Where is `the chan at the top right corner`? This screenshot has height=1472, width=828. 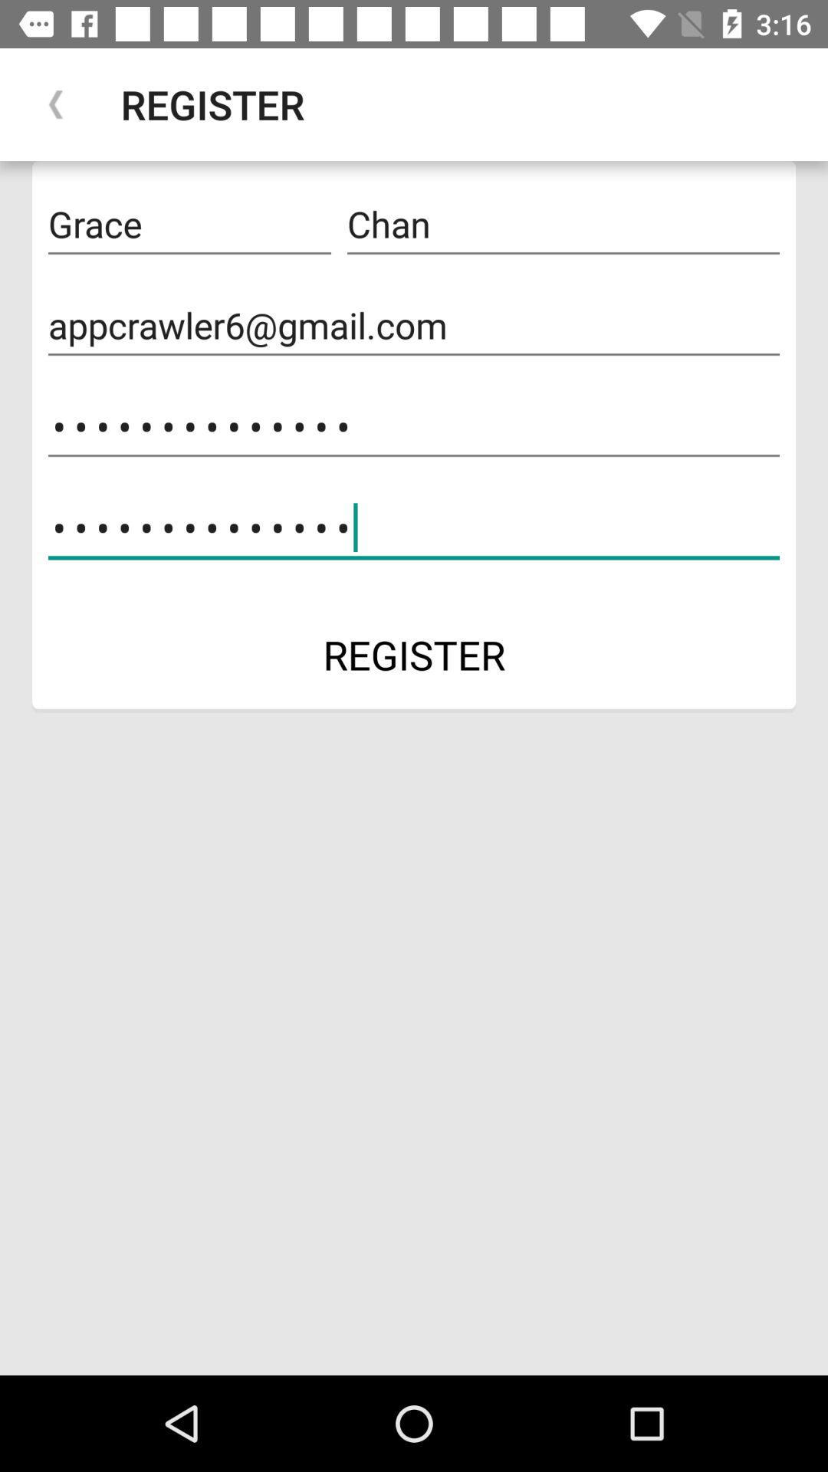 the chan at the top right corner is located at coordinates (563, 224).